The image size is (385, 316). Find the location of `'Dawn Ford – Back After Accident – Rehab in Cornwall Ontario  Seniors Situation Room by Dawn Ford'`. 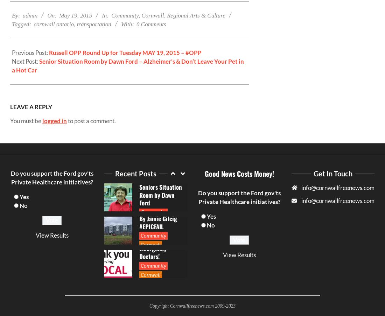

'Dawn Ford – Back After Accident – Rehab in Cornwall Ontario  Seniors Situation Room by Dawn Ford' is located at coordinates (139, 179).